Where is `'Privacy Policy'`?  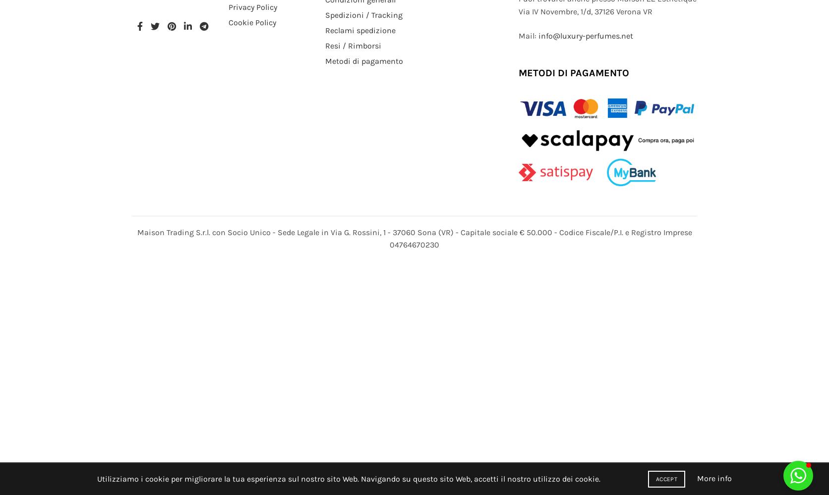
'Privacy Policy' is located at coordinates (252, 7).